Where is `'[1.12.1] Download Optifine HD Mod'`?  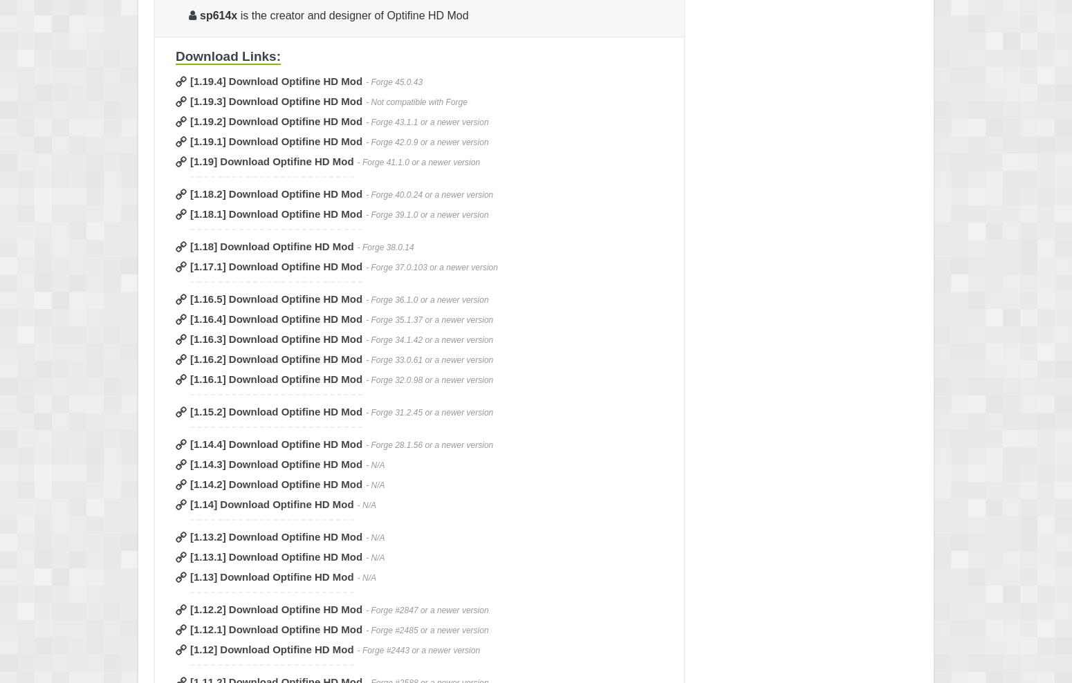
'[1.12.1] Download Optifine HD Mod' is located at coordinates (190, 628).